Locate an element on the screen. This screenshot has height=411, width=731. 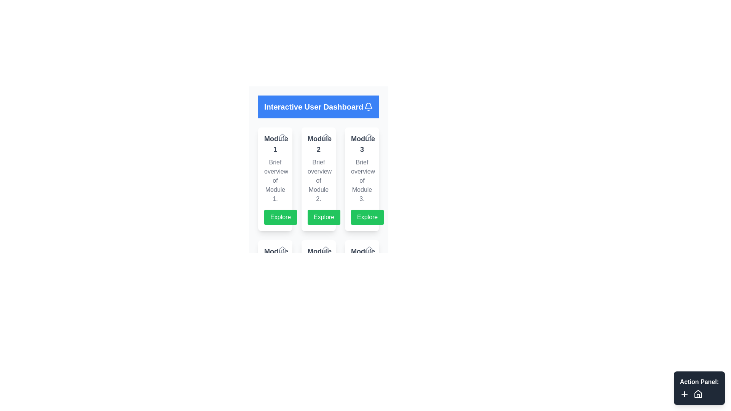
the notification bell icon located at the top-right of the interface, adjacent to the 'Interactive User Dashboard' title is located at coordinates (369, 106).